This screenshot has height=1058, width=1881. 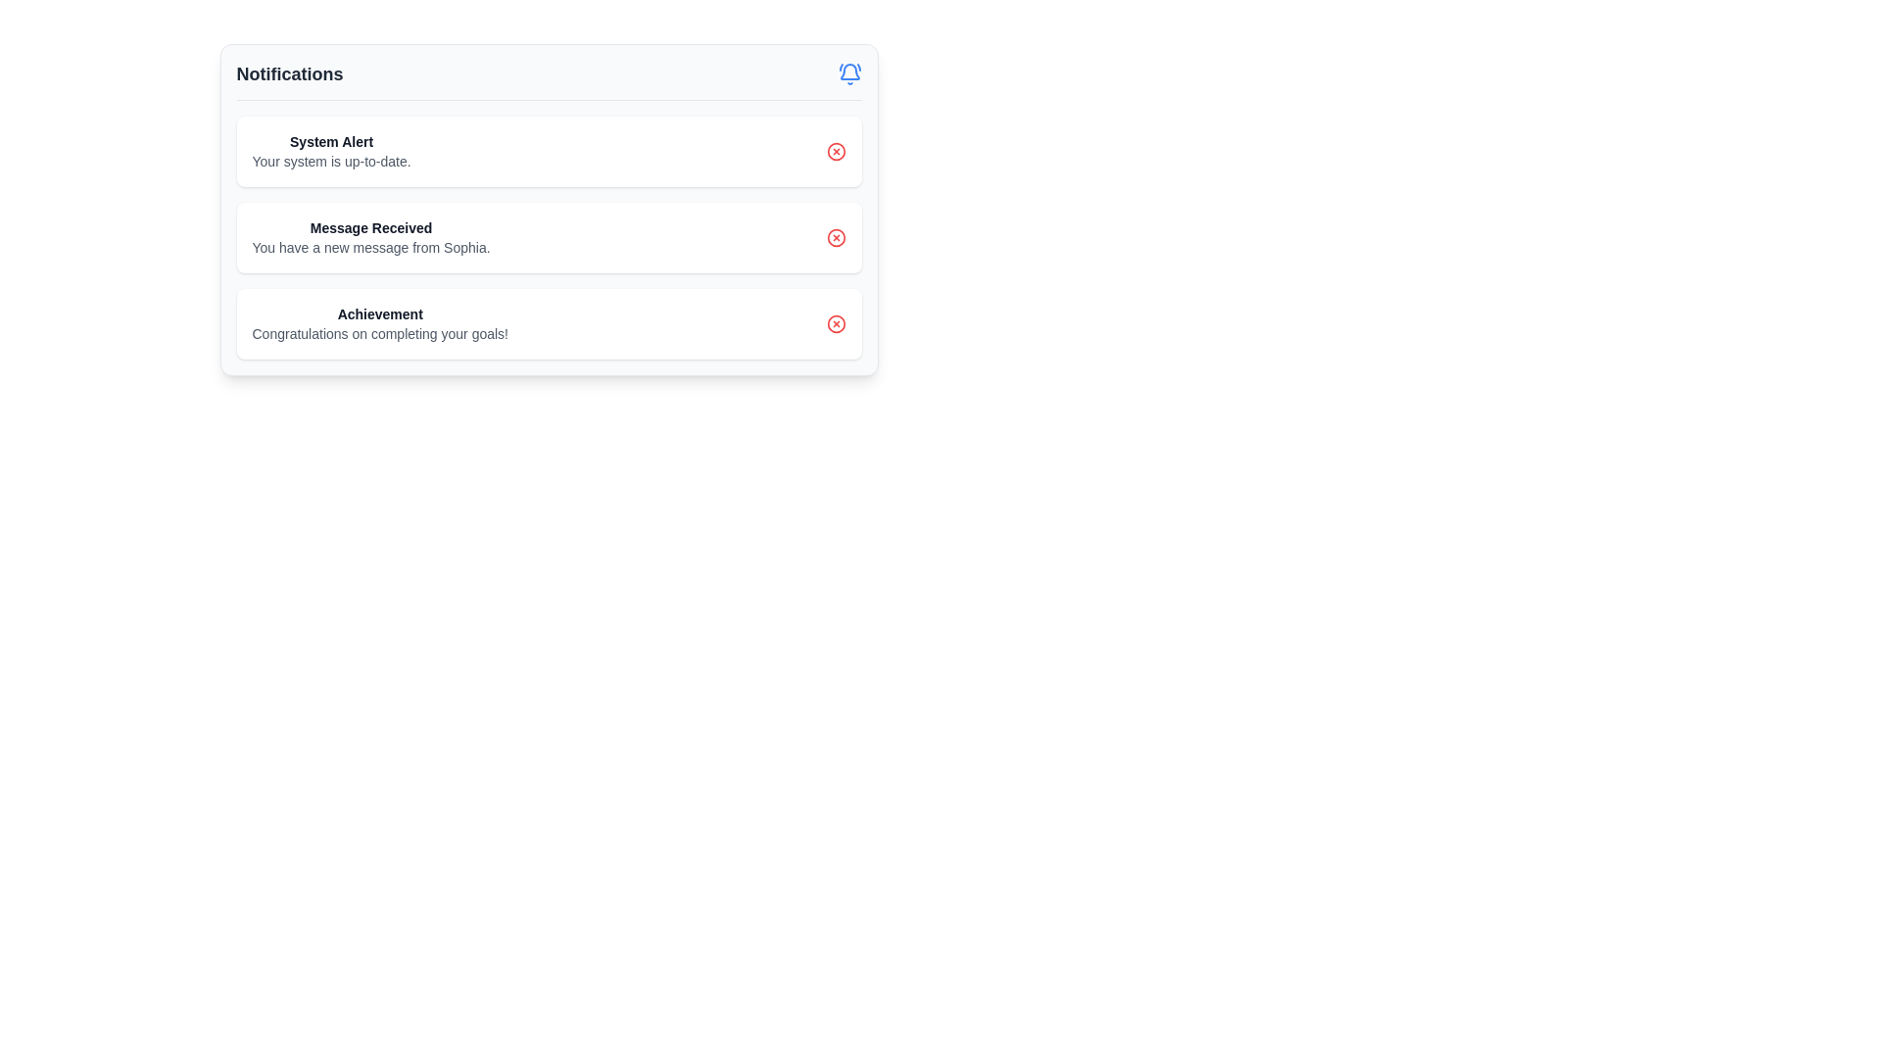 I want to click on the text element displaying 'You have a new message from Sophia.' located below the bolded title 'Message Received' in the Notifications section, so click(x=371, y=247).